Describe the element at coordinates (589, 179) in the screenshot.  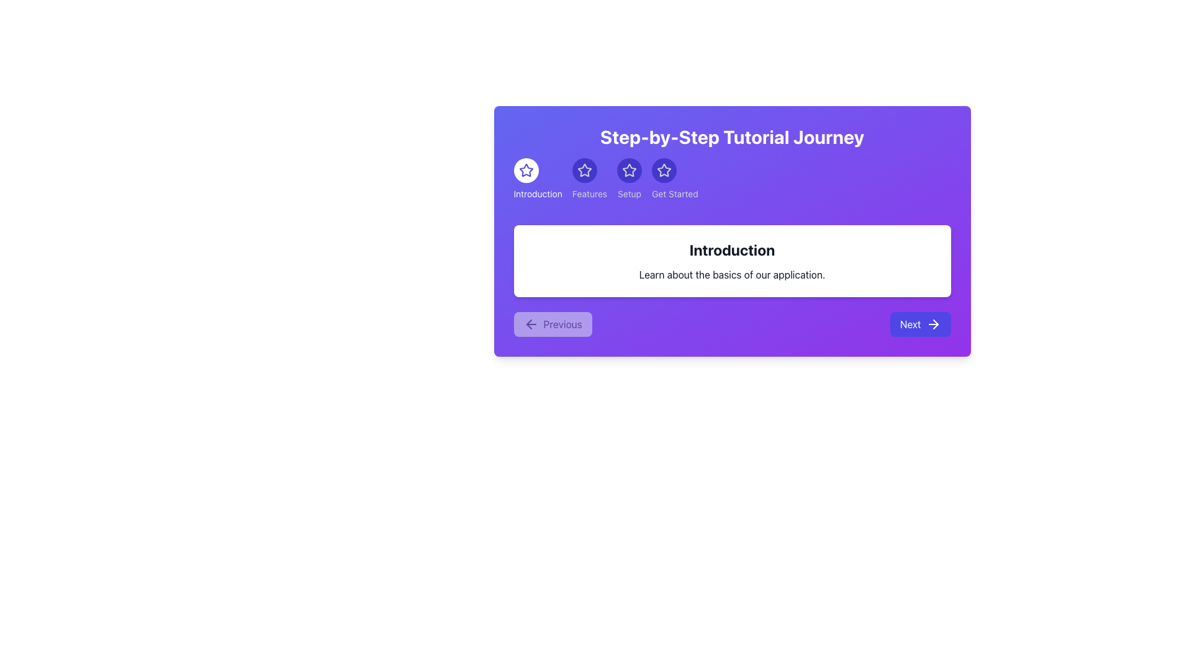
I see `the circular 'Features' button with a star icon and indigo background, located in the step navigation interface` at that location.